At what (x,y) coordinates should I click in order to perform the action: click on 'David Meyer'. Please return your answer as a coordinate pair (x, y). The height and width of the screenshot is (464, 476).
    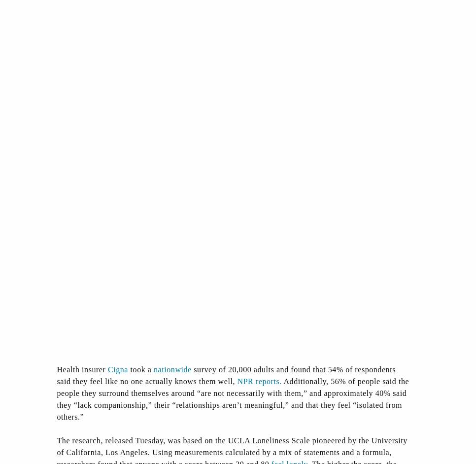
    Looking at the image, I should click on (179, 163).